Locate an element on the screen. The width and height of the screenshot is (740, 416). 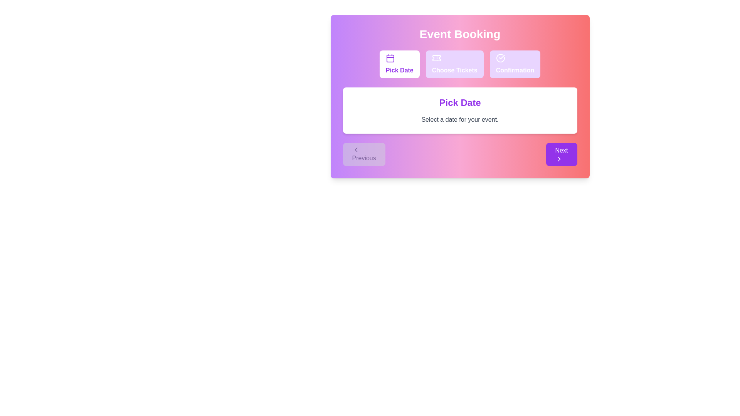
the 'Pick Date' header text, which is a bold, large purple font centered at the top of a white card area is located at coordinates (460, 102).